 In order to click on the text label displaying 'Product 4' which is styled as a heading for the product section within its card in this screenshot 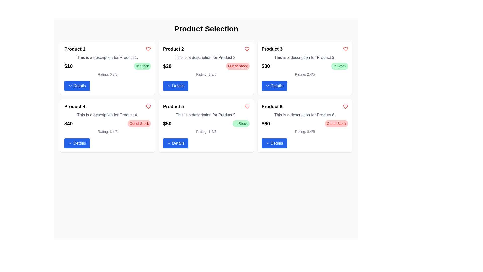, I will do `click(74, 106)`.